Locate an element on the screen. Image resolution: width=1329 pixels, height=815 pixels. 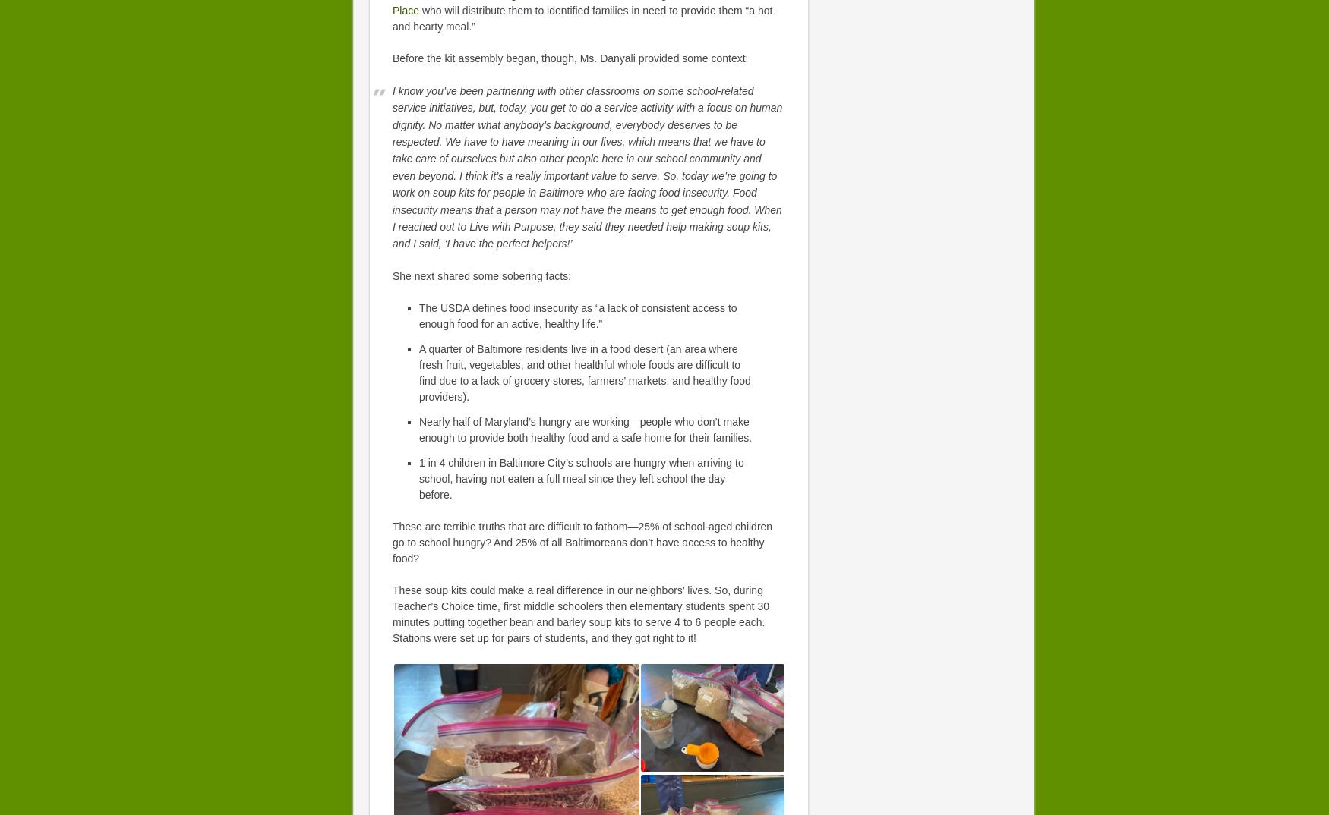
'The USDA defines food insecurity as “a lack of consistent access to enough food for an active, healthy life.”' is located at coordinates (577, 315).